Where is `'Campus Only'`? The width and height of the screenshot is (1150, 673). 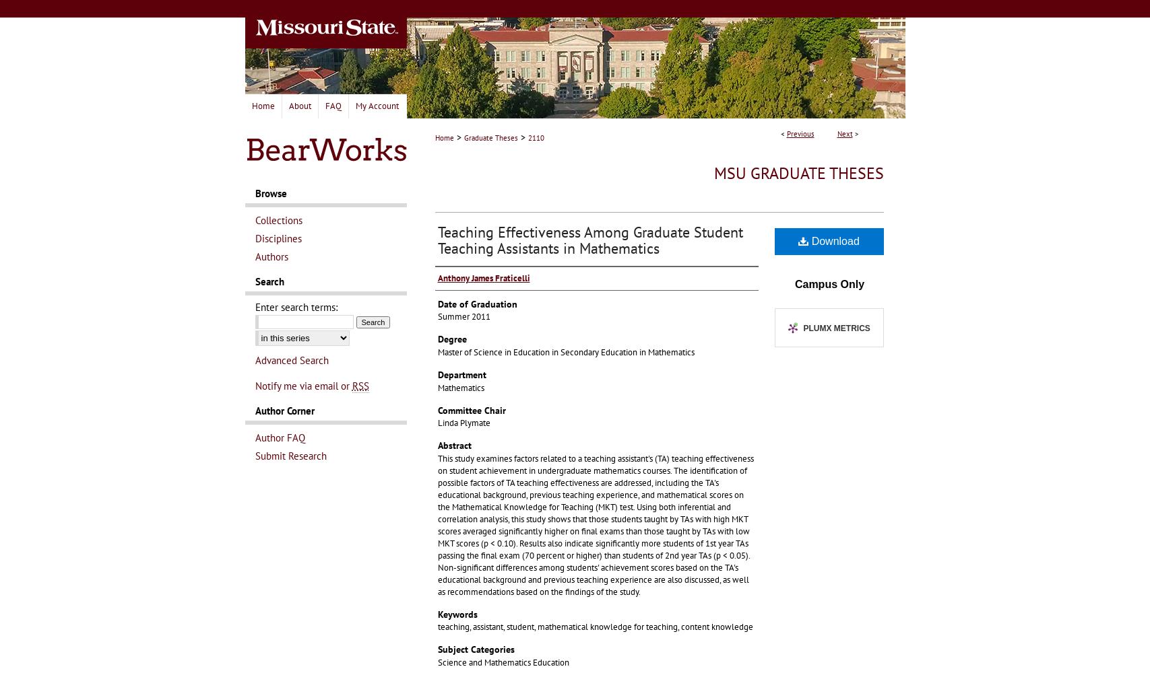 'Campus Only' is located at coordinates (828, 283).